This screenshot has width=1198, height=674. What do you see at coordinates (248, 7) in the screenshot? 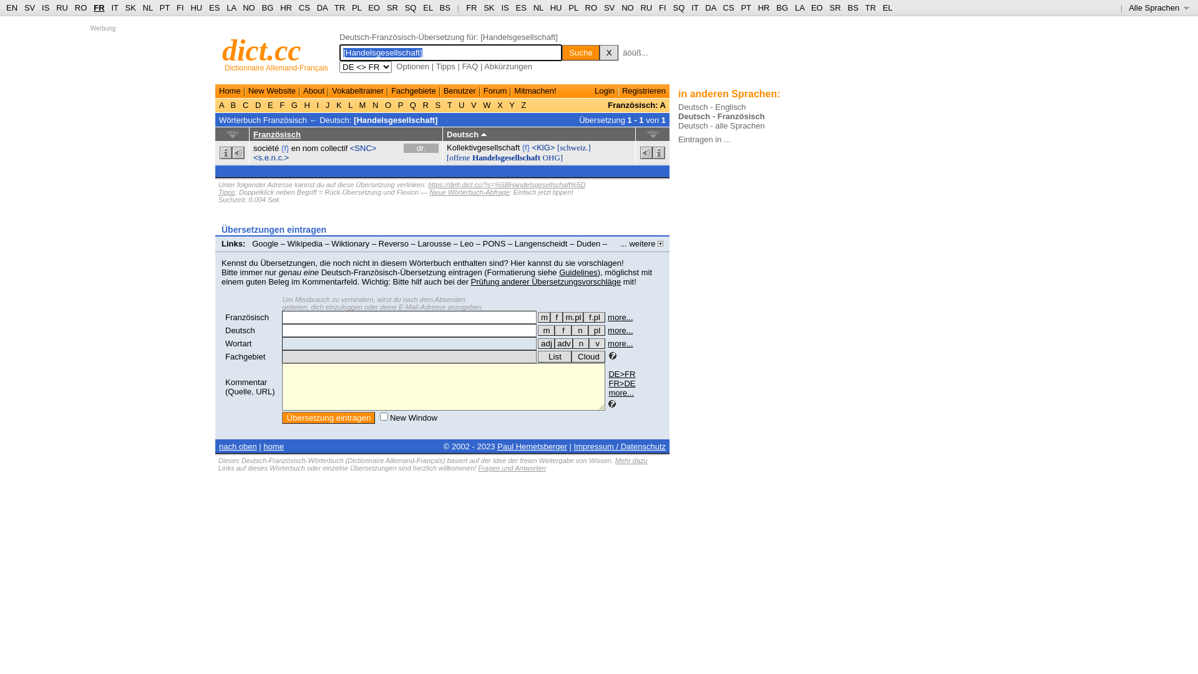
I see `'NO'` at bounding box center [248, 7].